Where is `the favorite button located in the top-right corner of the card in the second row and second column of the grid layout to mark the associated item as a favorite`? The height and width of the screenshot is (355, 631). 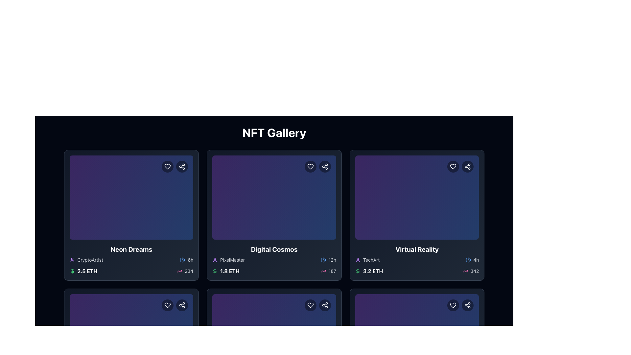 the favorite button located in the top-right corner of the card in the second row and second column of the grid layout to mark the associated item as a favorite is located at coordinates (310, 305).